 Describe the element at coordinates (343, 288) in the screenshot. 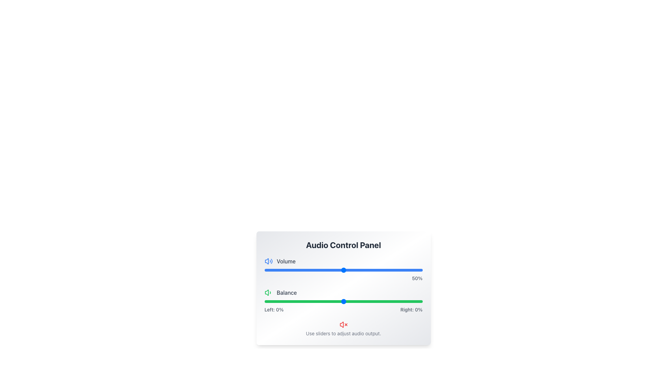

I see `the numerical feedback on the Interactive Panel, which features a gradient background, rounded corners, and contains 'Volume' and 'Balance' sliders` at that location.